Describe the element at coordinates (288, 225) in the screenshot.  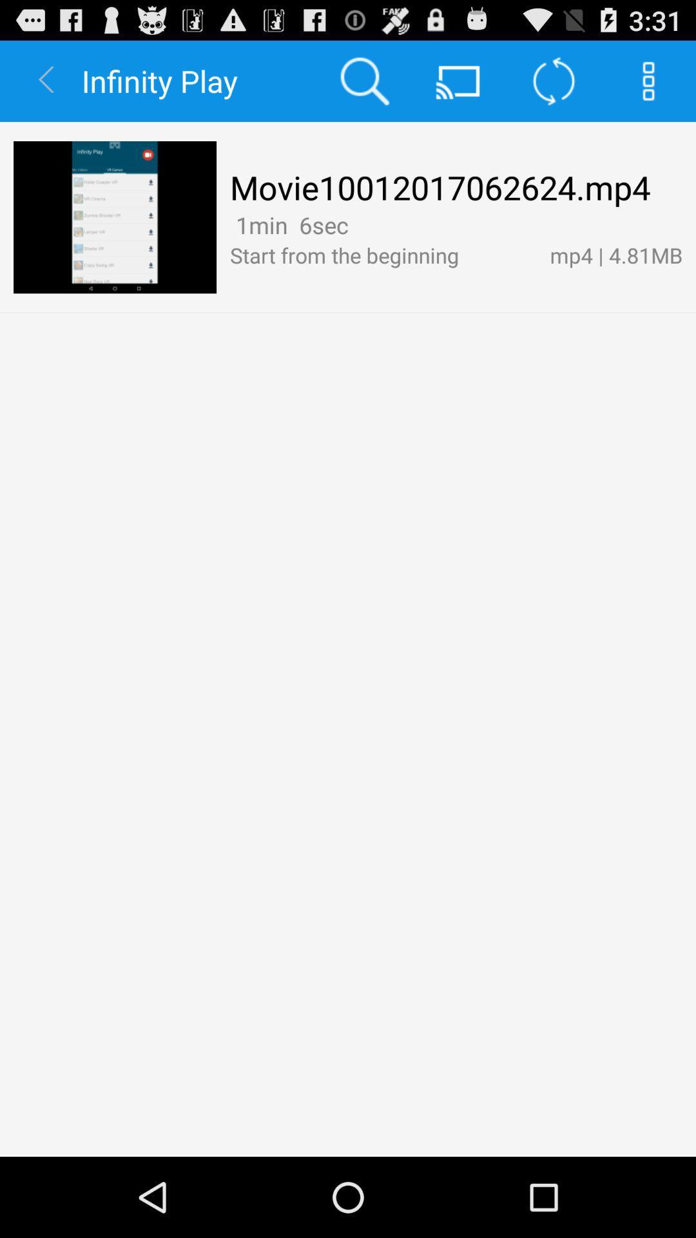
I see `1min  6sec icon` at that location.